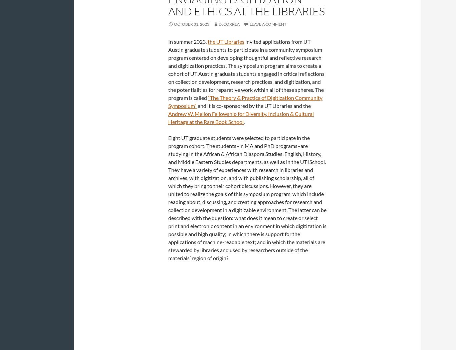  I want to click on 'DJCorrea', so click(229, 24).